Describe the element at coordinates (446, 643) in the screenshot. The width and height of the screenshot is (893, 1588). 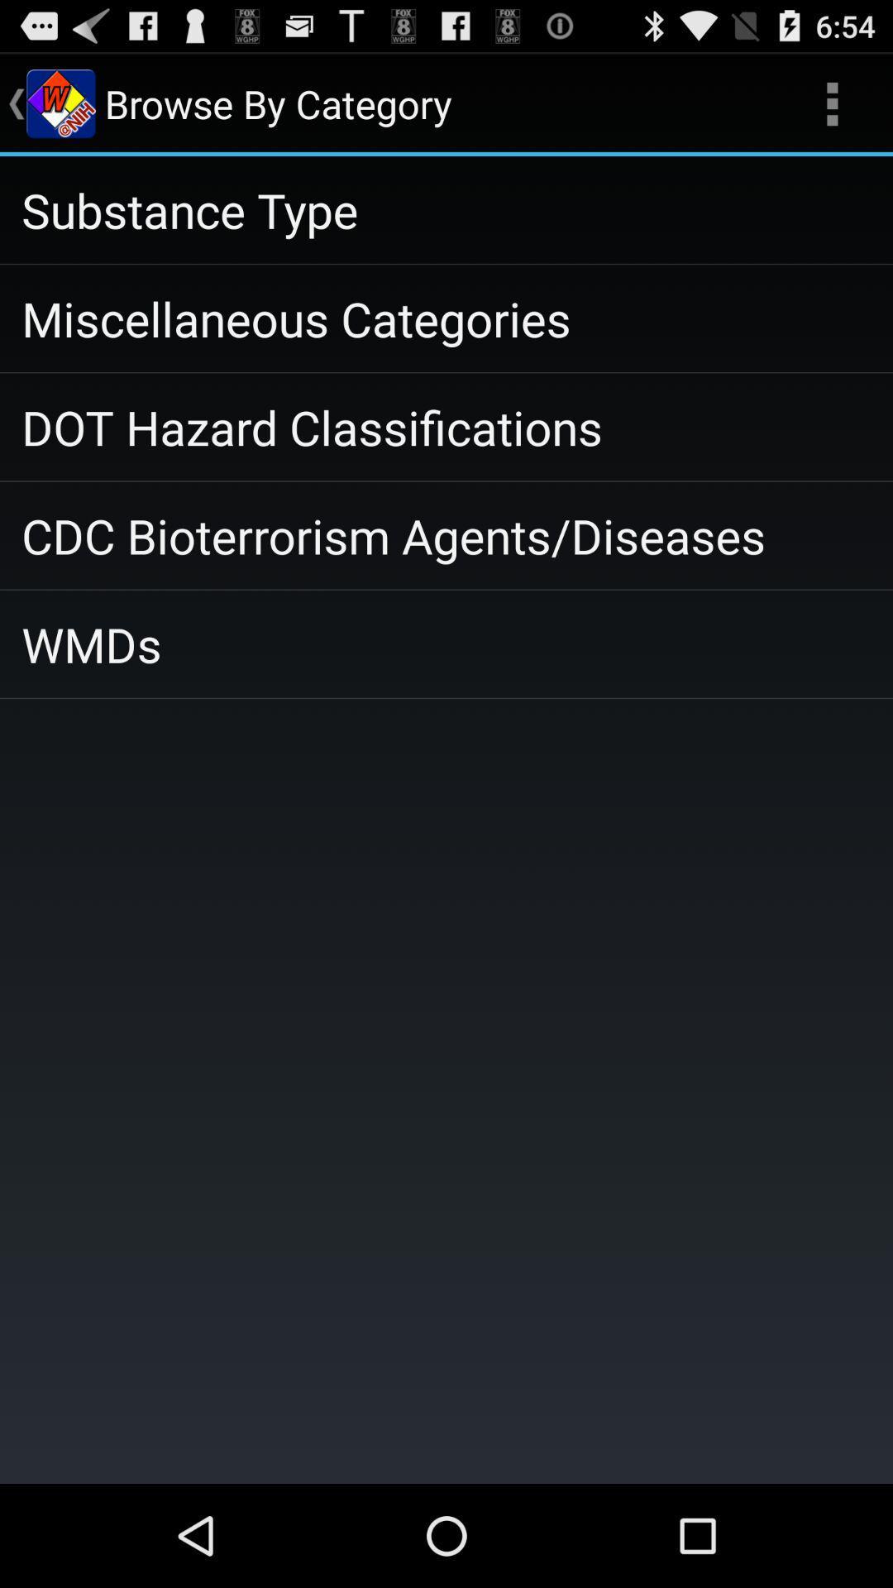
I see `the wmds icon` at that location.